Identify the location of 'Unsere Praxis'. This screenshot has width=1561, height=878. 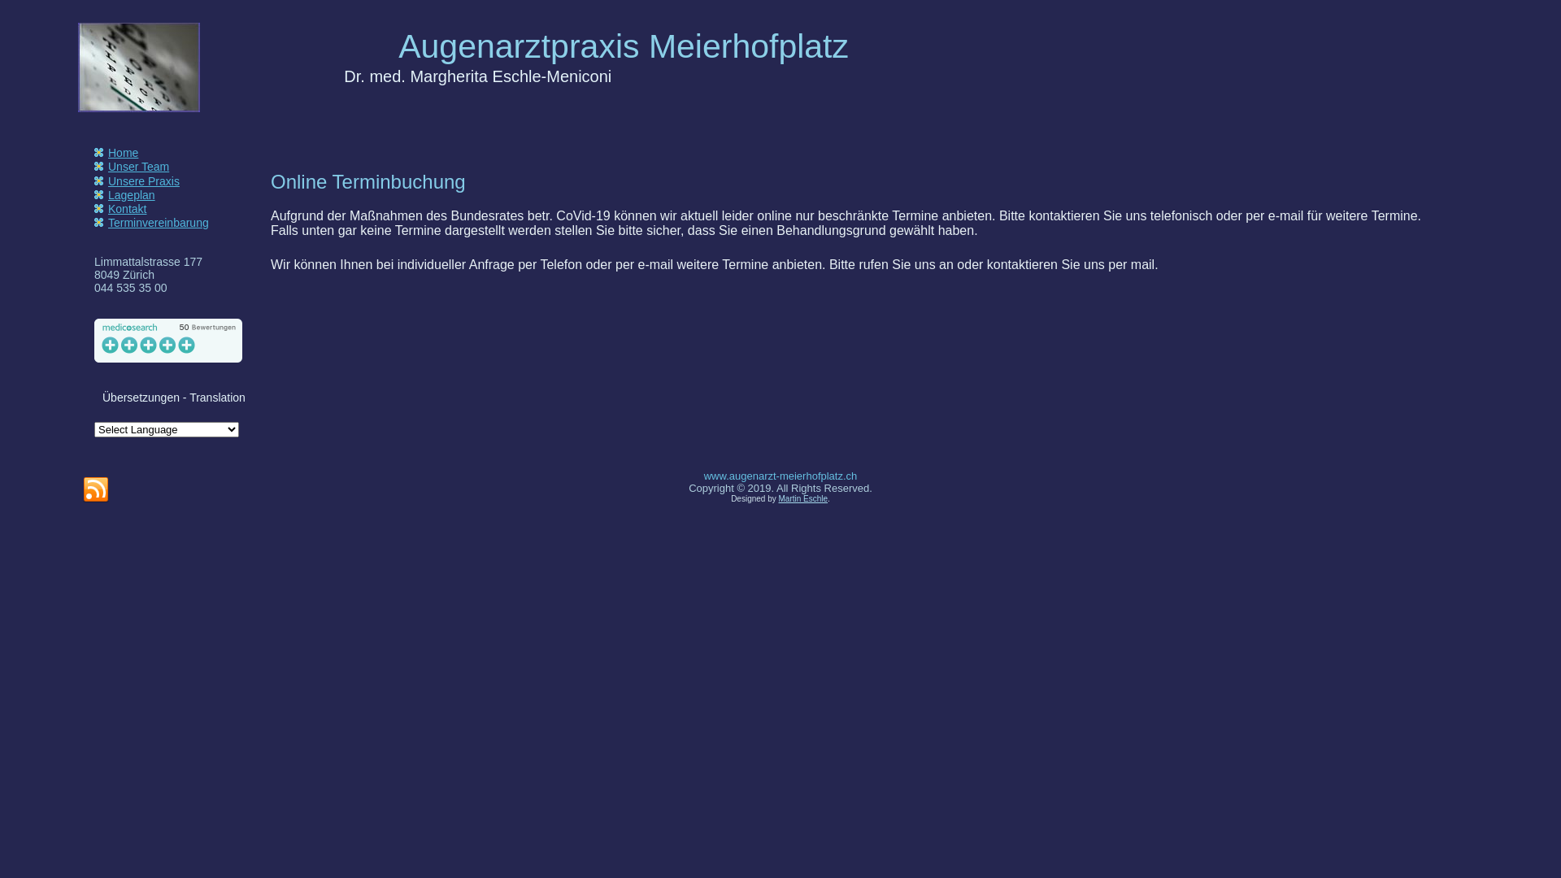
(107, 180).